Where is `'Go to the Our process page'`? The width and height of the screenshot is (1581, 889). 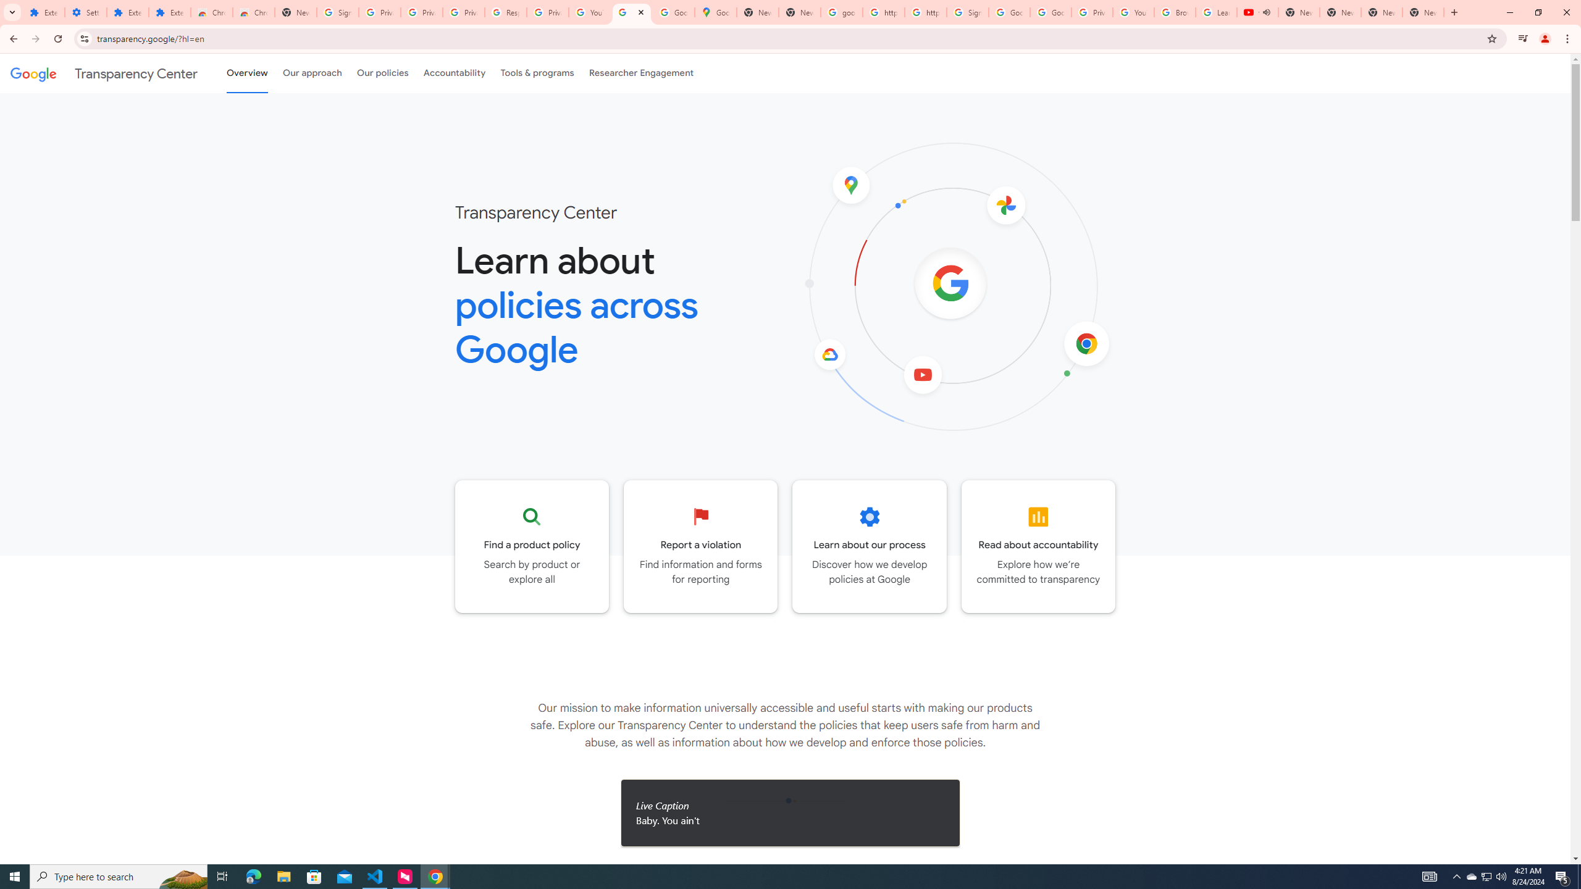 'Go to the Our process page' is located at coordinates (869, 546).